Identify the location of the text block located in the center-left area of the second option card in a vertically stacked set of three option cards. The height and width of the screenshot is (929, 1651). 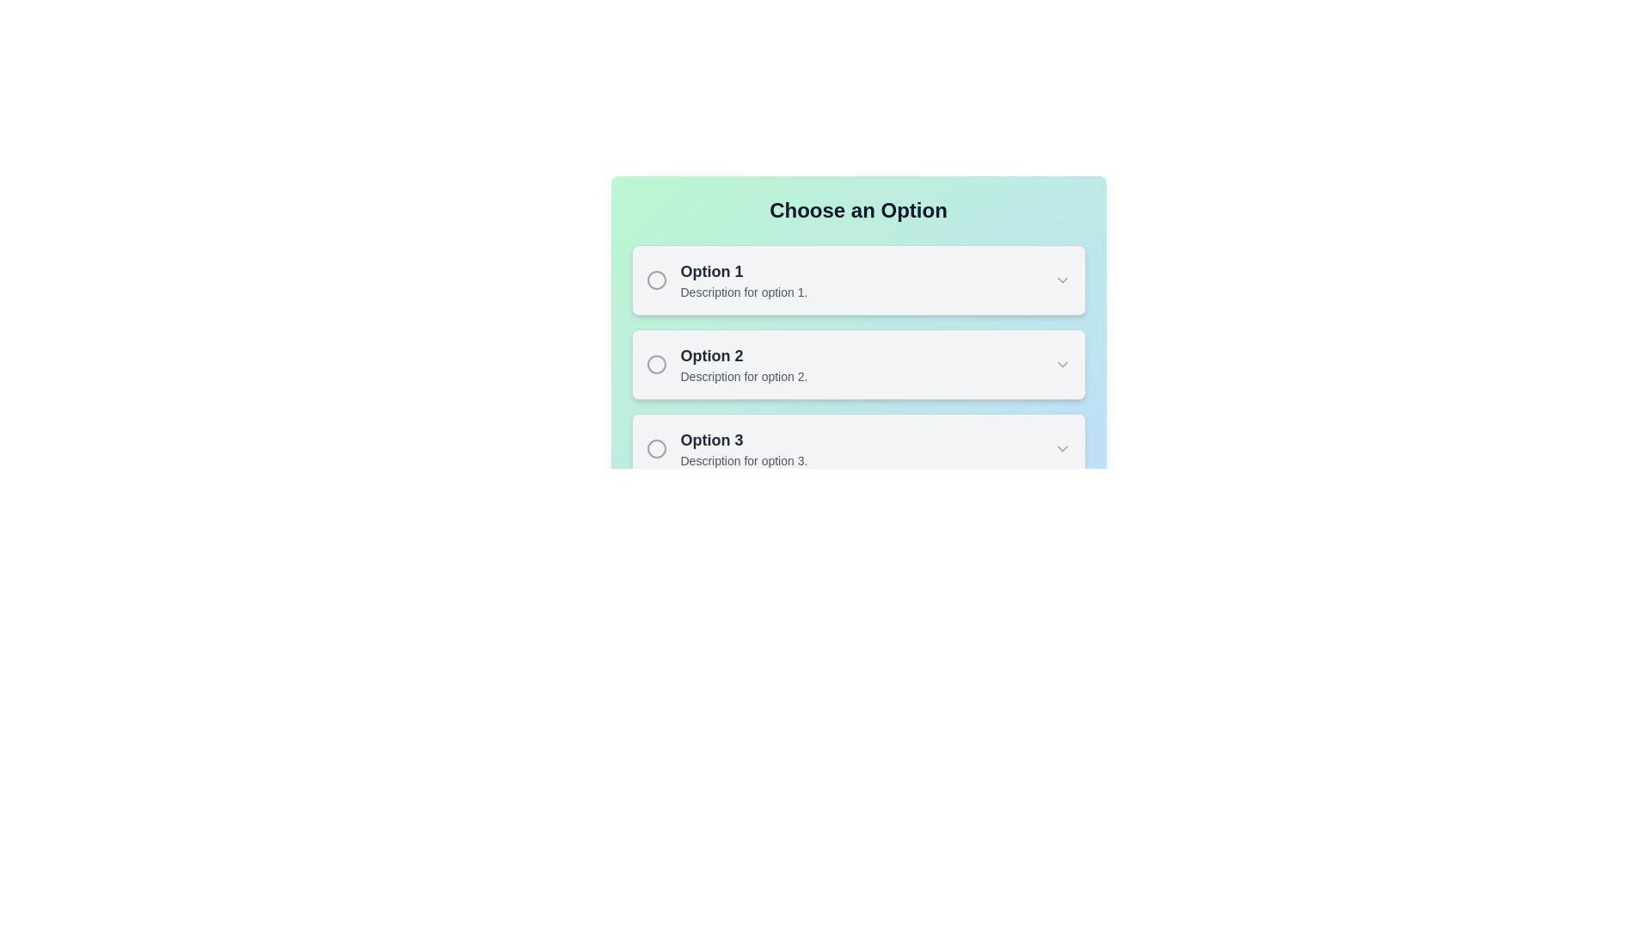
(744, 364).